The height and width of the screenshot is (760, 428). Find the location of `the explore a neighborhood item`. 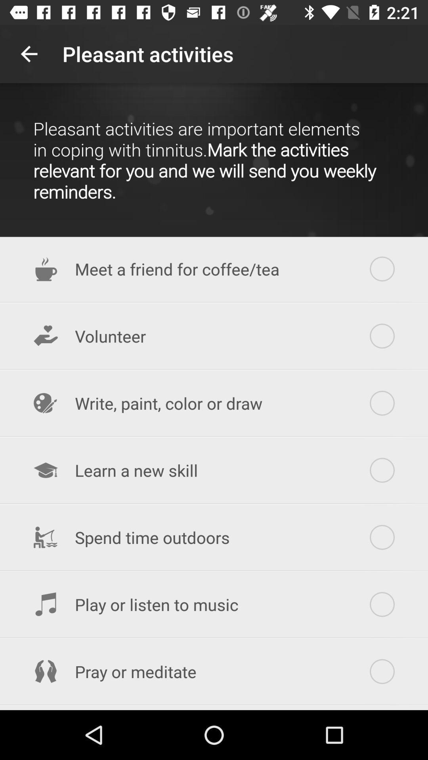

the explore a neighborhood item is located at coordinates (214, 708).